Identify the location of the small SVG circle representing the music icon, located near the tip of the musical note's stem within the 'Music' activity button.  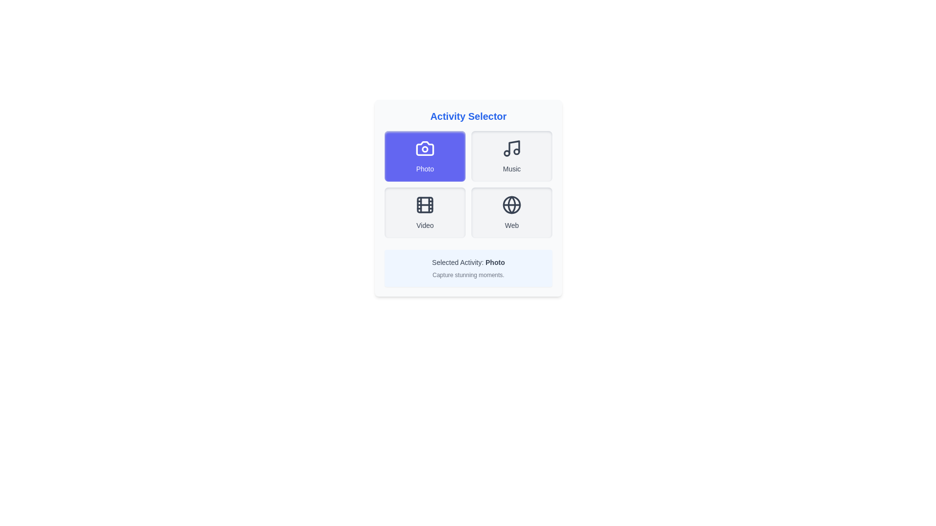
(516, 151).